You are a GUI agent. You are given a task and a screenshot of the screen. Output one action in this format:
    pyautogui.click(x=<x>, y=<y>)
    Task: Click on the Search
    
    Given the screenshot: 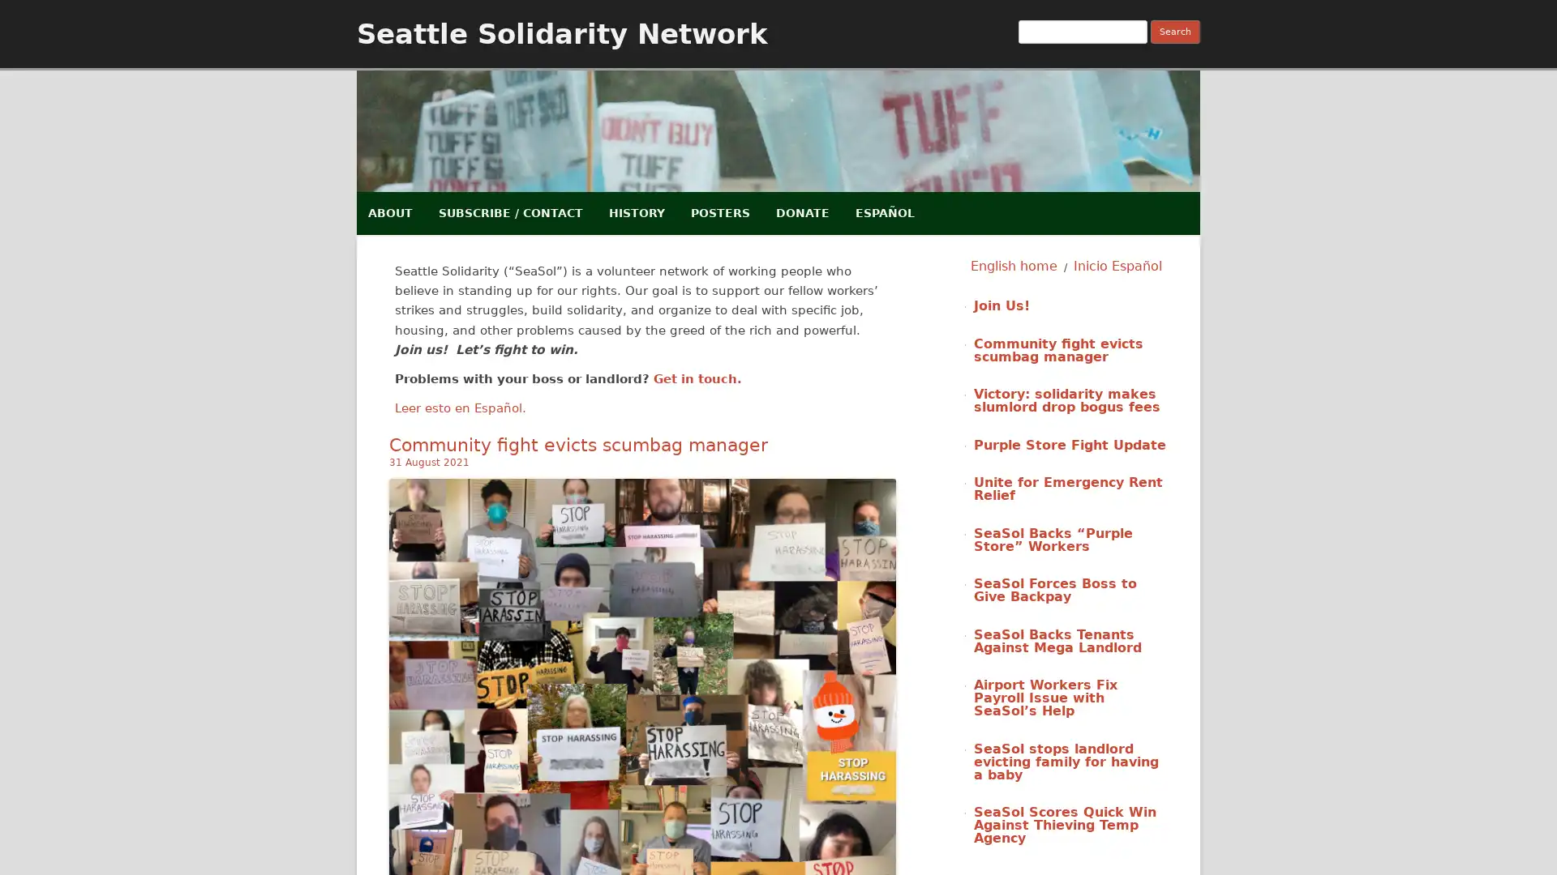 What is the action you would take?
    pyautogui.click(x=1175, y=32)
    